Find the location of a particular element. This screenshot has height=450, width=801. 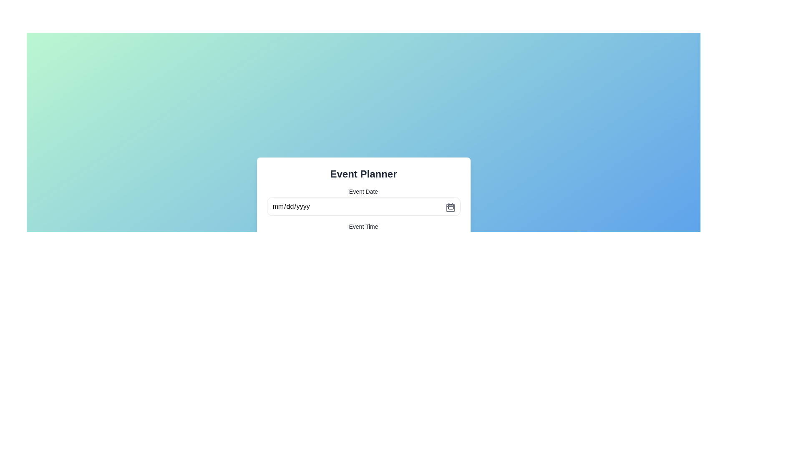

the static text label that reads 'Event Time', which is styled in a smaller dark gray font and is positioned centrally below the 'Event Date' label is located at coordinates (363, 226).